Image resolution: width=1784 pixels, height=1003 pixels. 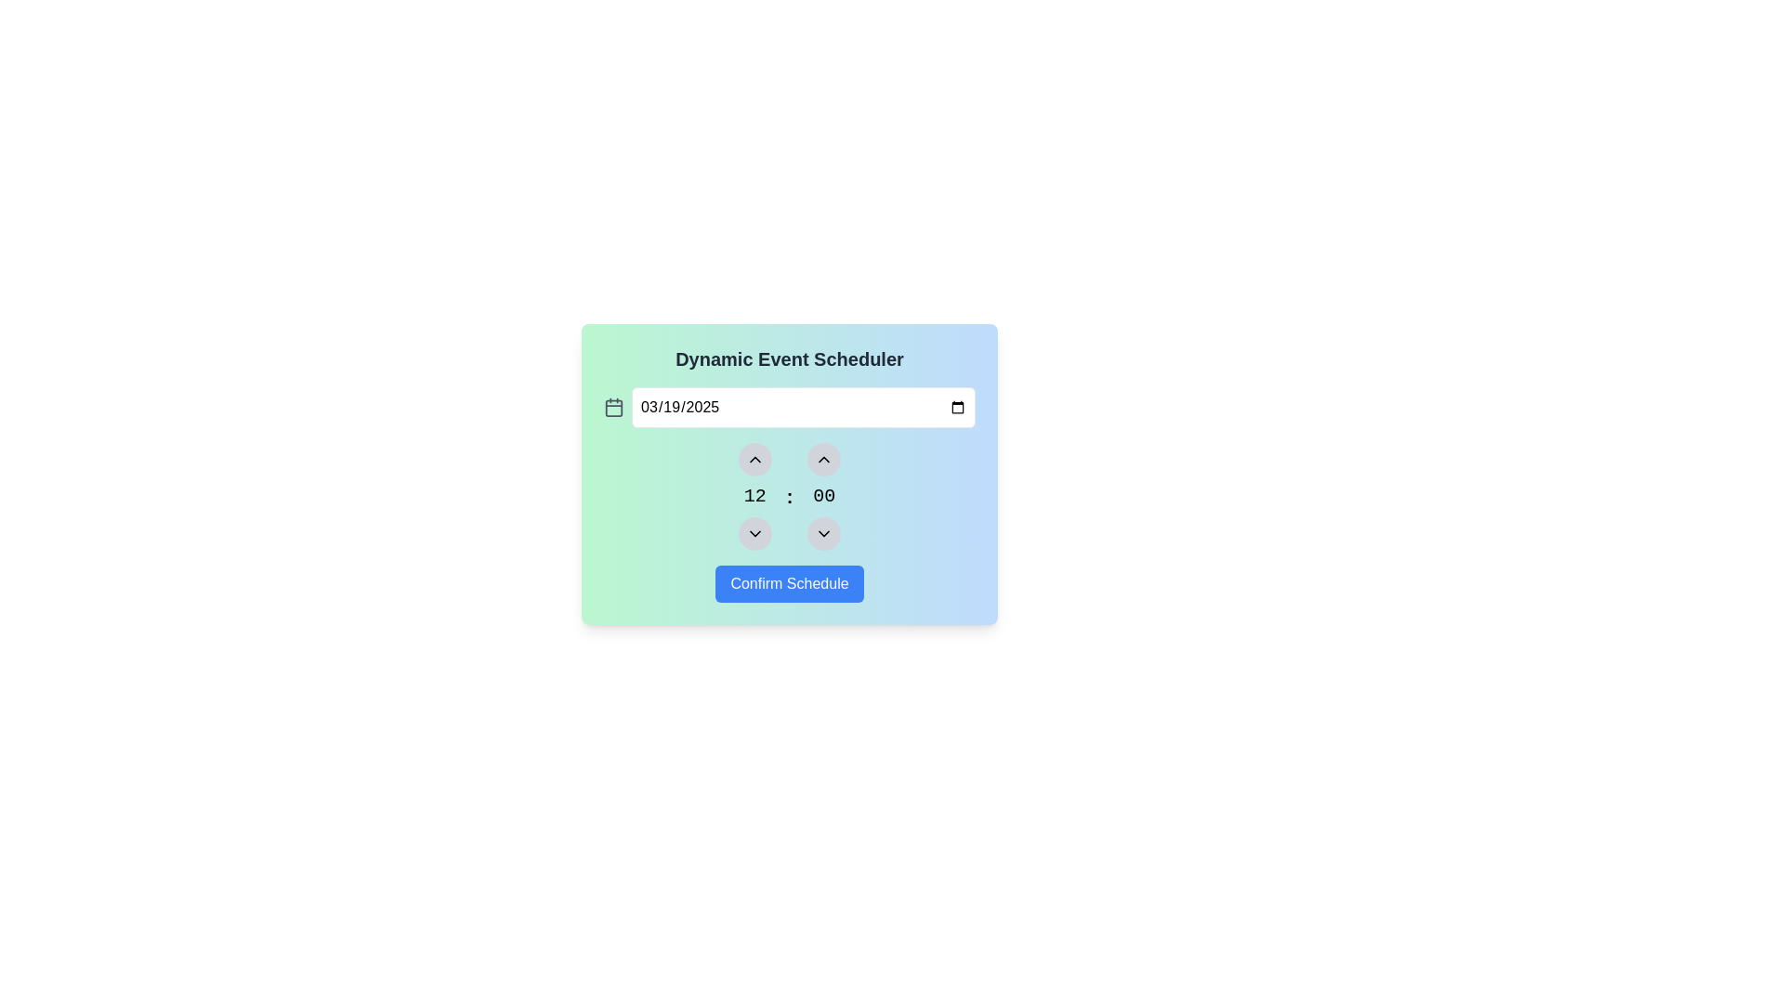 I want to click on the dropdown button icon, so click(x=754, y=533).